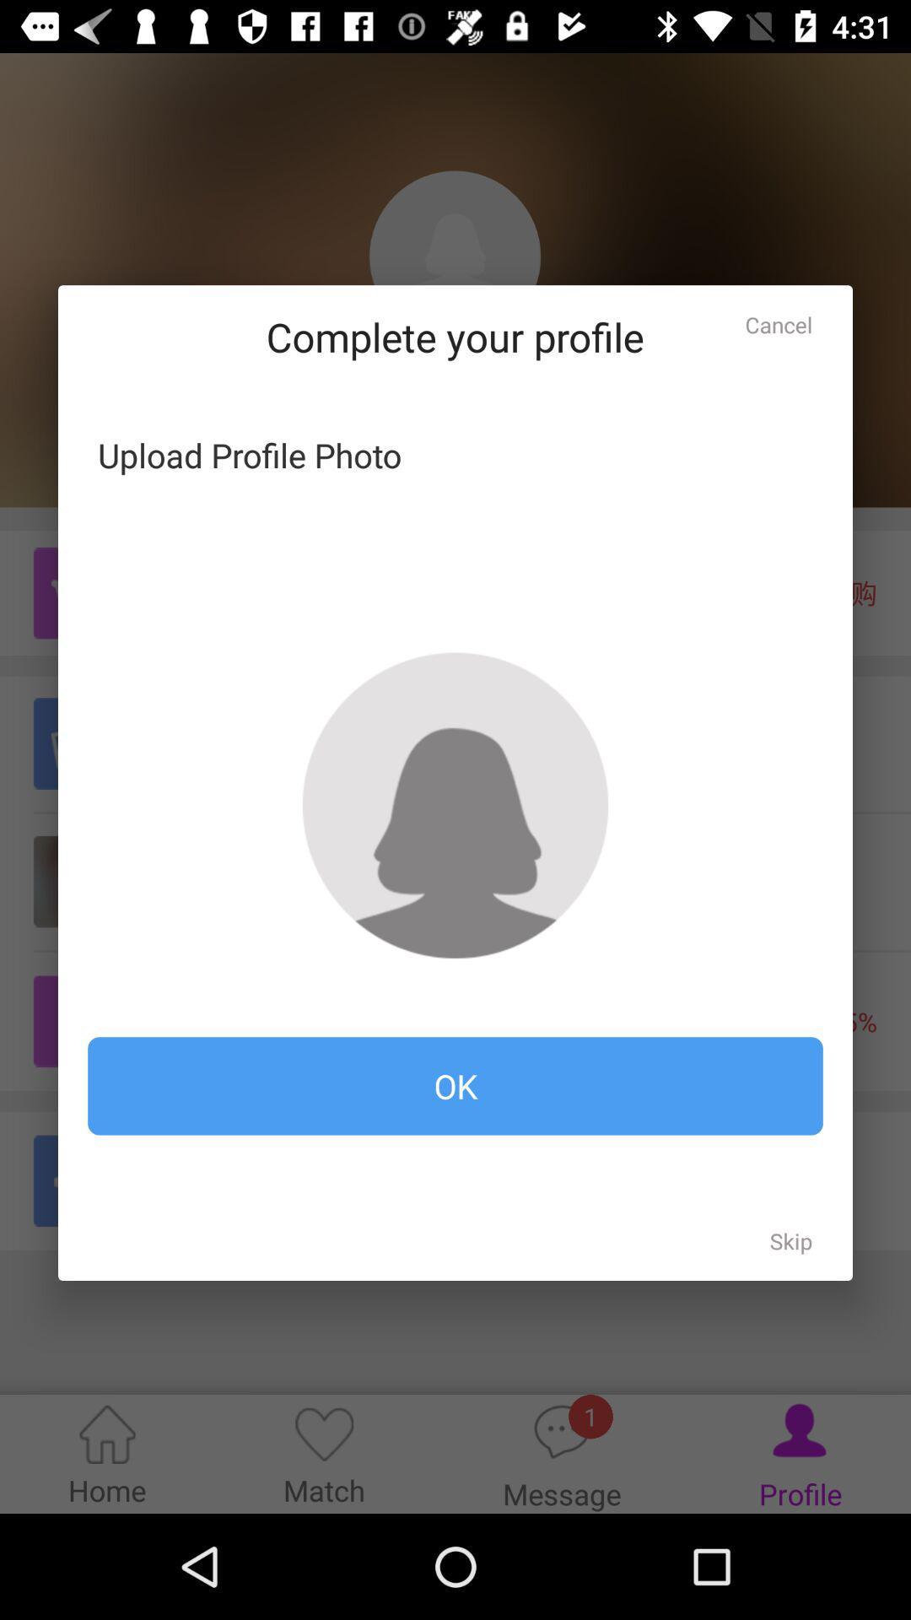 This screenshot has width=911, height=1620. I want to click on item at the bottom right corner, so click(791, 1241).